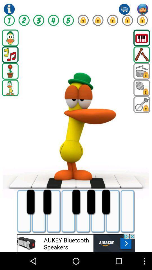 The width and height of the screenshot is (152, 270). Describe the element at coordinates (9, 20) in the screenshot. I see `level 1 button` at that location.